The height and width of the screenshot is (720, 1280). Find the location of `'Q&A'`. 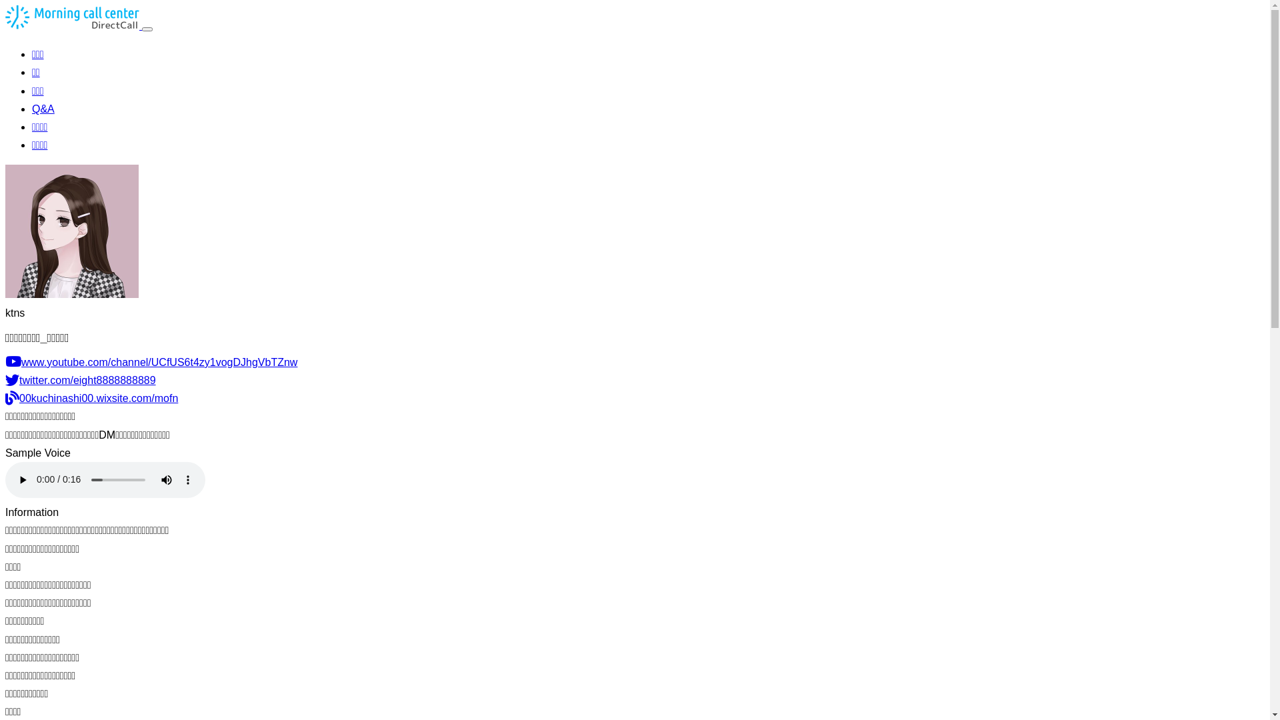

'Q&A' is located at coordinates (43, 108).